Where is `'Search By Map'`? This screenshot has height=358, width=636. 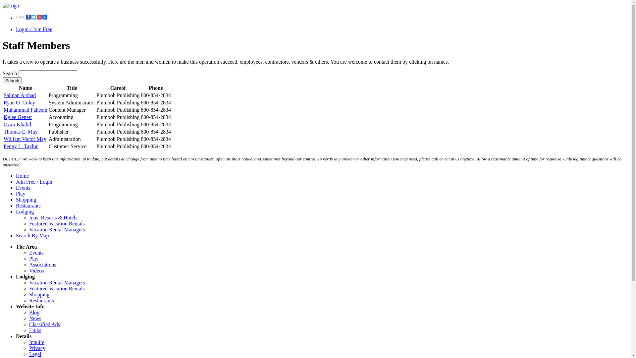
'Search By Map' is located at coordinates (32, 235).